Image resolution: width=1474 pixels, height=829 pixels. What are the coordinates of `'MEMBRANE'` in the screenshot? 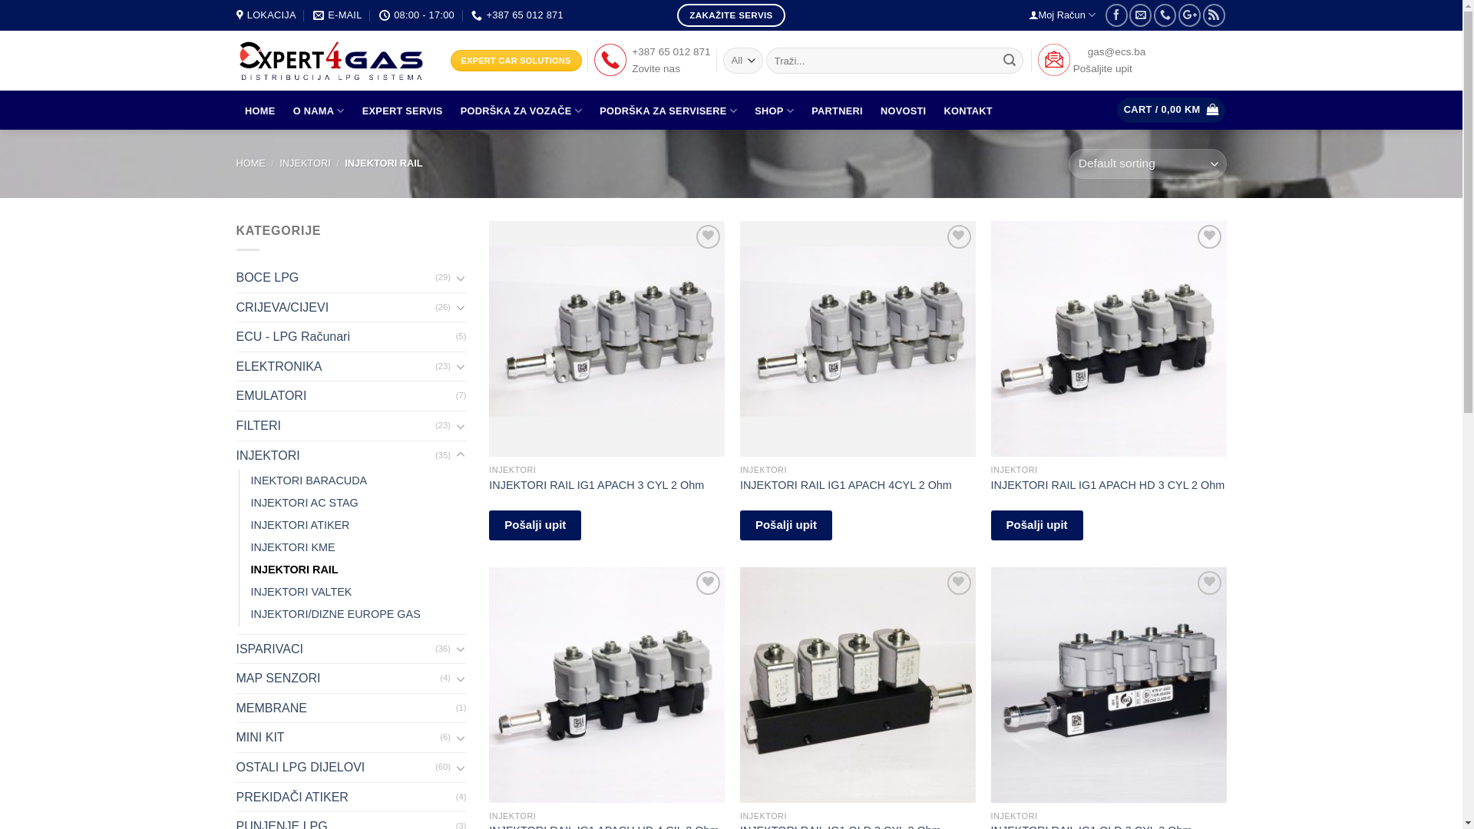 It's located at (235, 708).